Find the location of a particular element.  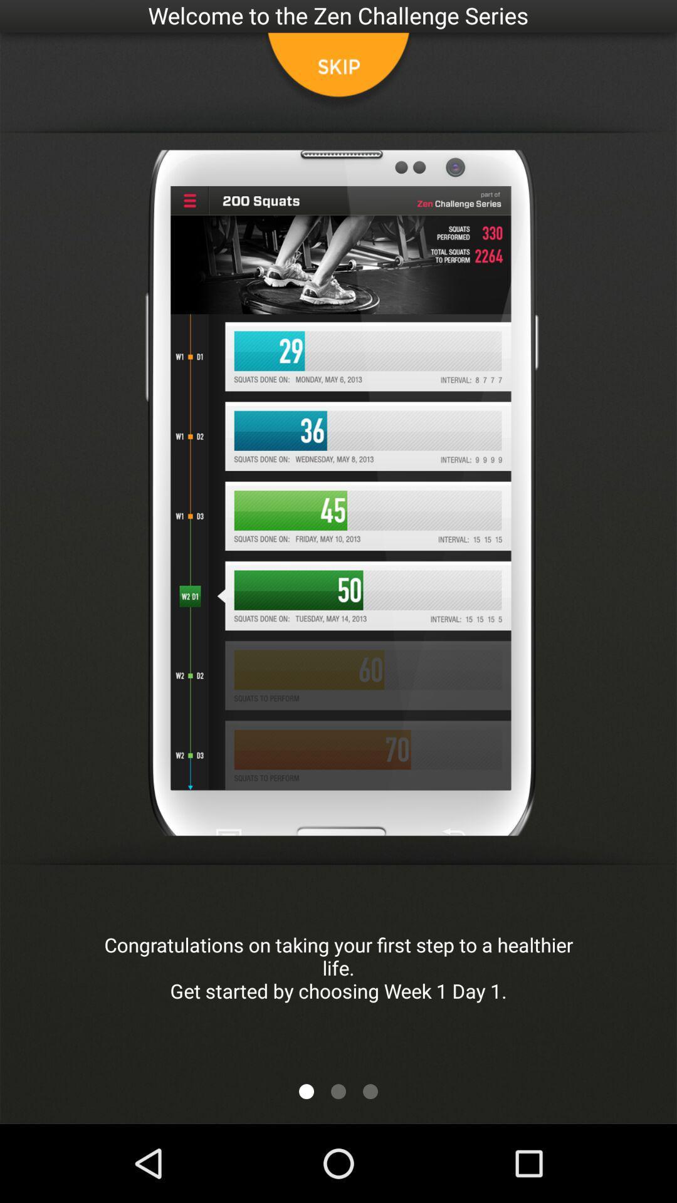

show the first part of the tutorial is located at coordinates (307, 1091).